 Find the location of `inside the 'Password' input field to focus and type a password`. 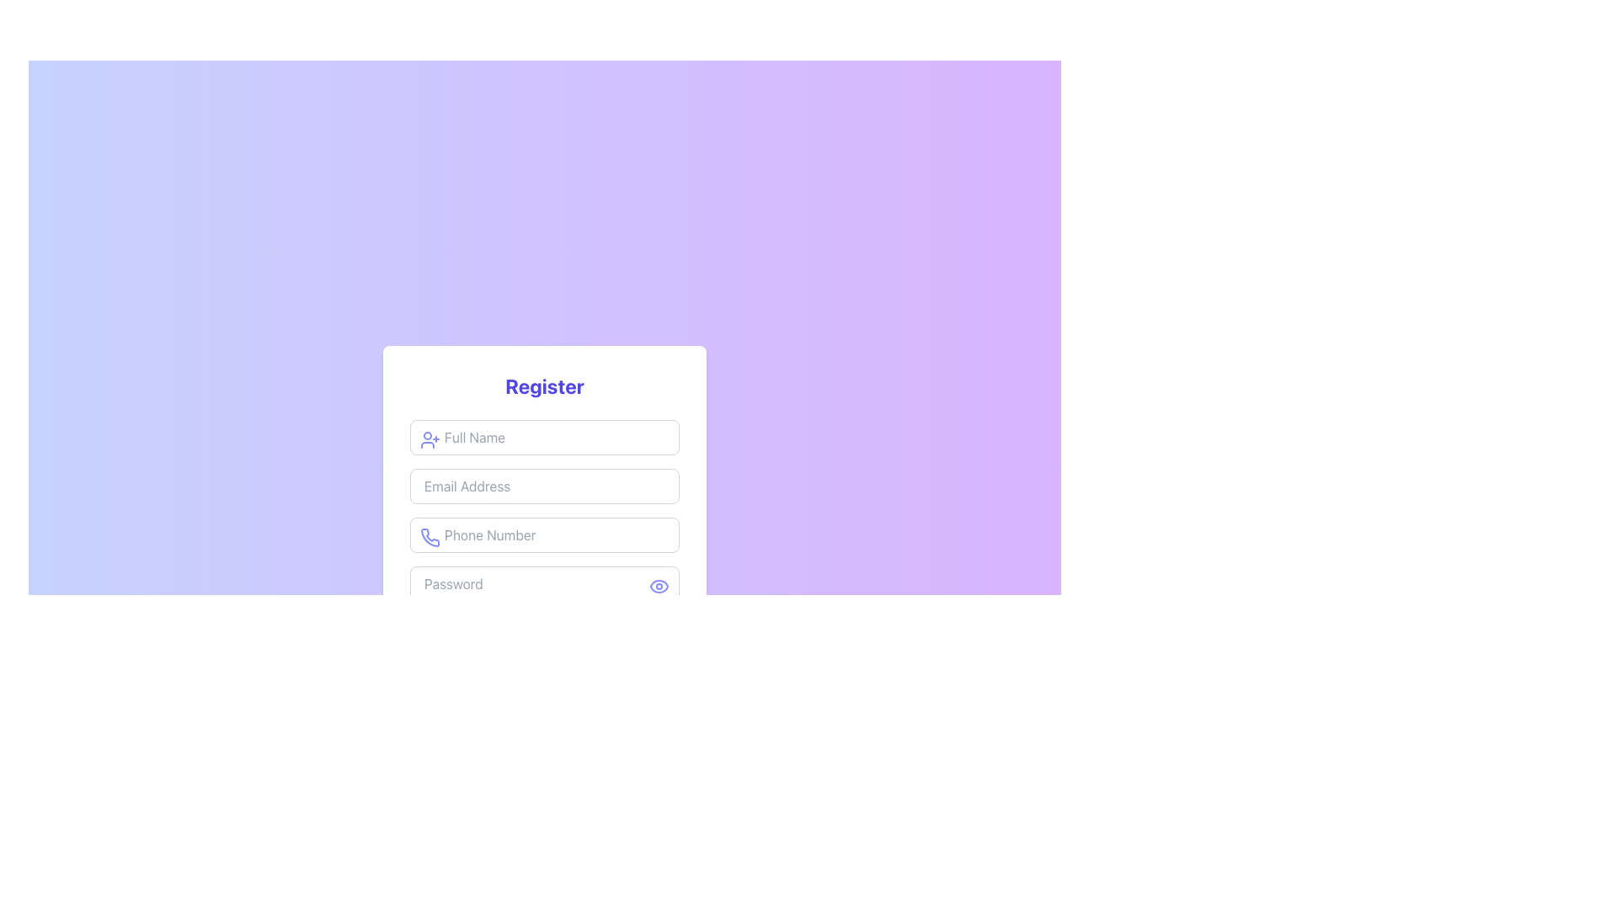

inside the 'Password' input field to focus and type a password is located at coordinates (545, 583).